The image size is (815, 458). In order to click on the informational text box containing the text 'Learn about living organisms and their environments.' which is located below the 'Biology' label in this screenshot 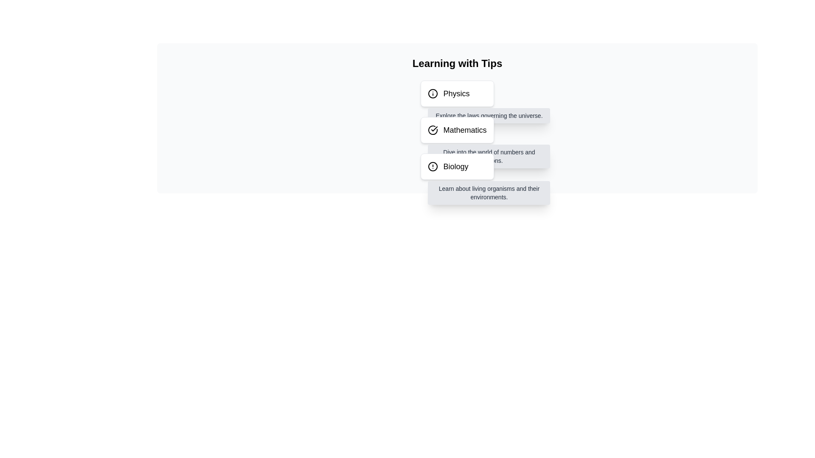, I will do `click(489, 193)`.